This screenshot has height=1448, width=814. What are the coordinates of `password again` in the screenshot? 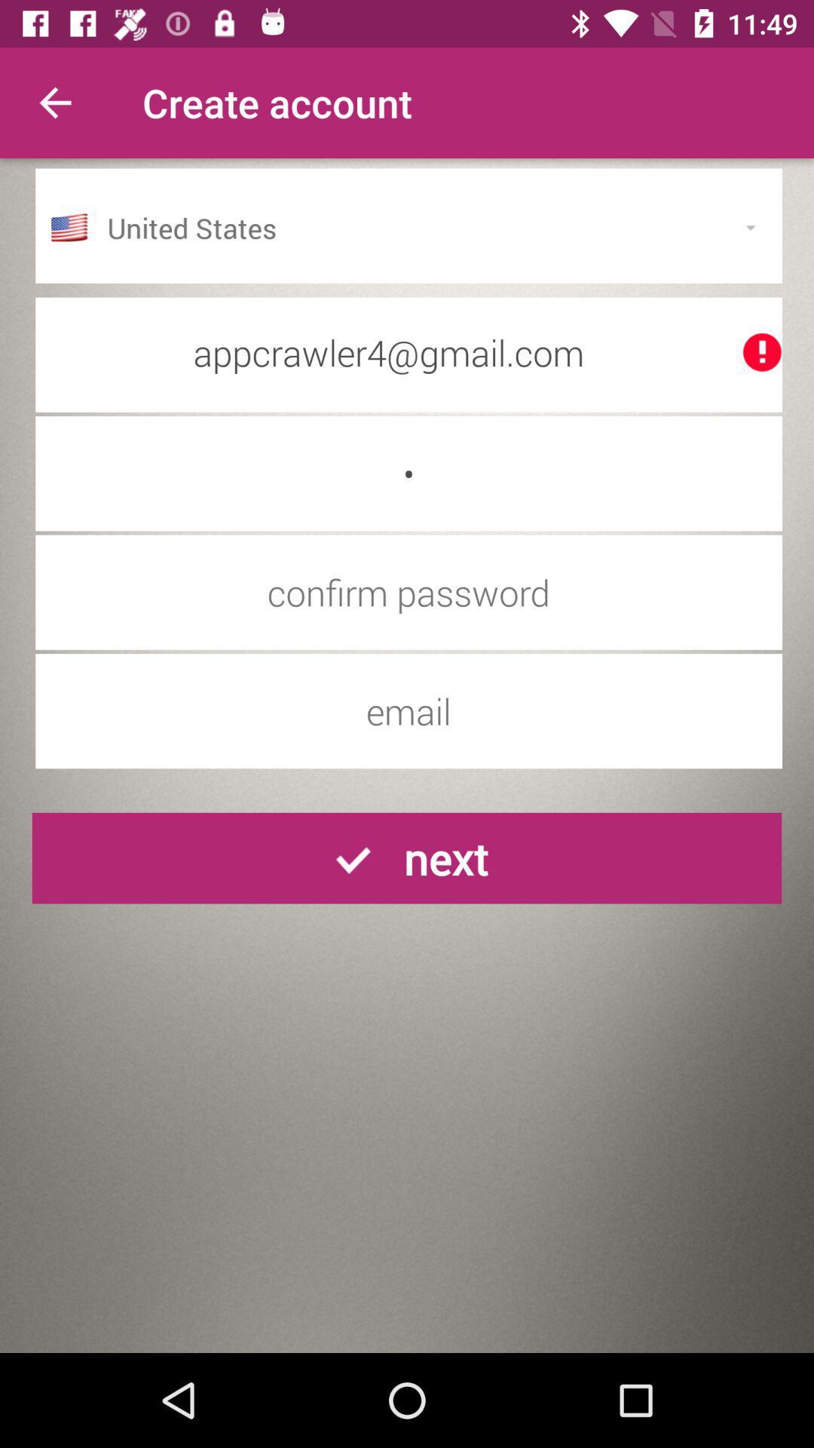 It's located at (409, 591).